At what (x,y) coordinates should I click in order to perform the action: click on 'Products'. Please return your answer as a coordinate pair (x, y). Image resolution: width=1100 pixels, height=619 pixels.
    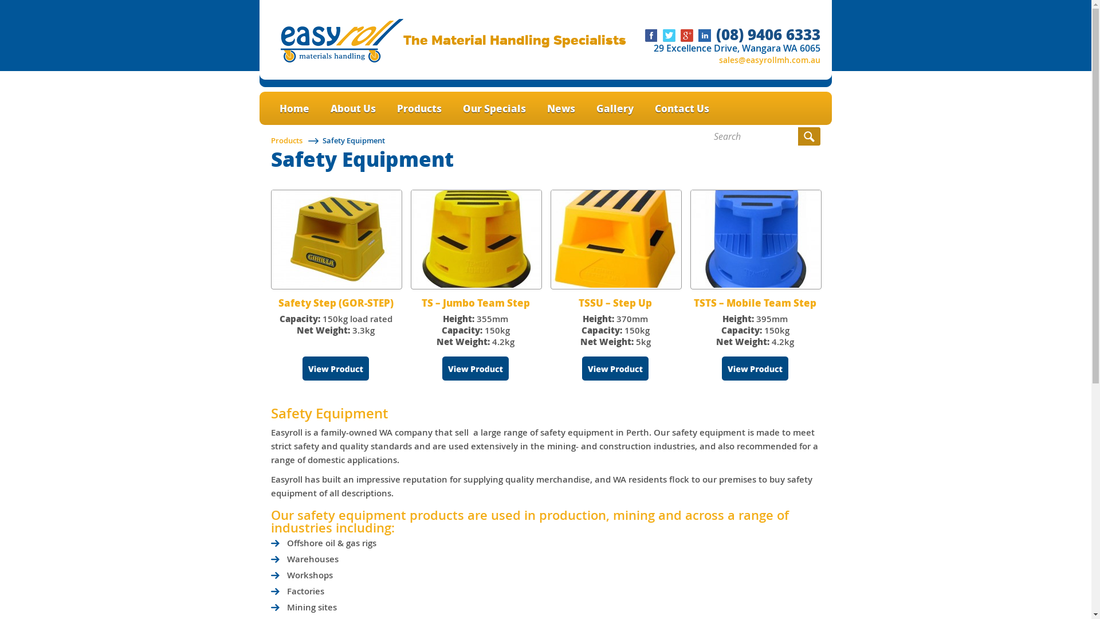
    Looking at the image, I should click on (286, 140).